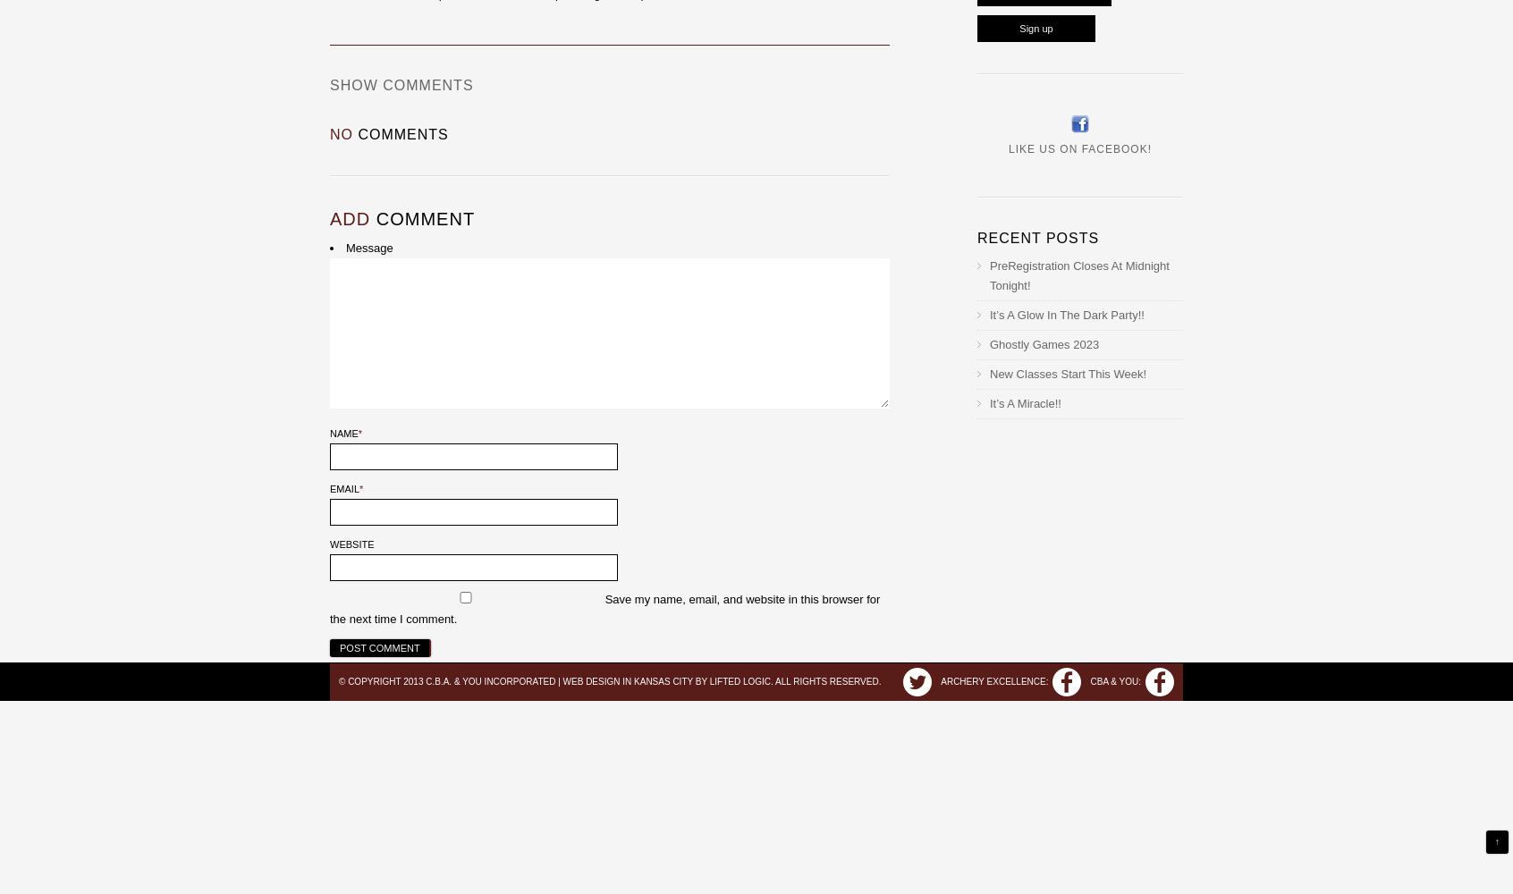 This screenshot has width=1513, height=894. Describe the element at coordinates (1066, 314) in the screenshot. I see `'It’s A Glow In The Dark Party!!'` at that location.